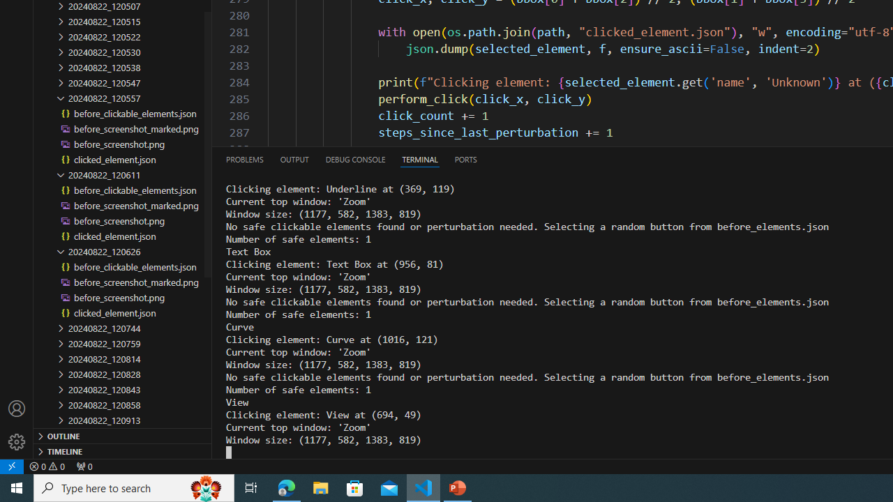 The image size is (893, 502). I want to click on 'Debug Console (Ctrl+Shift+Y)', so click(355, 158).